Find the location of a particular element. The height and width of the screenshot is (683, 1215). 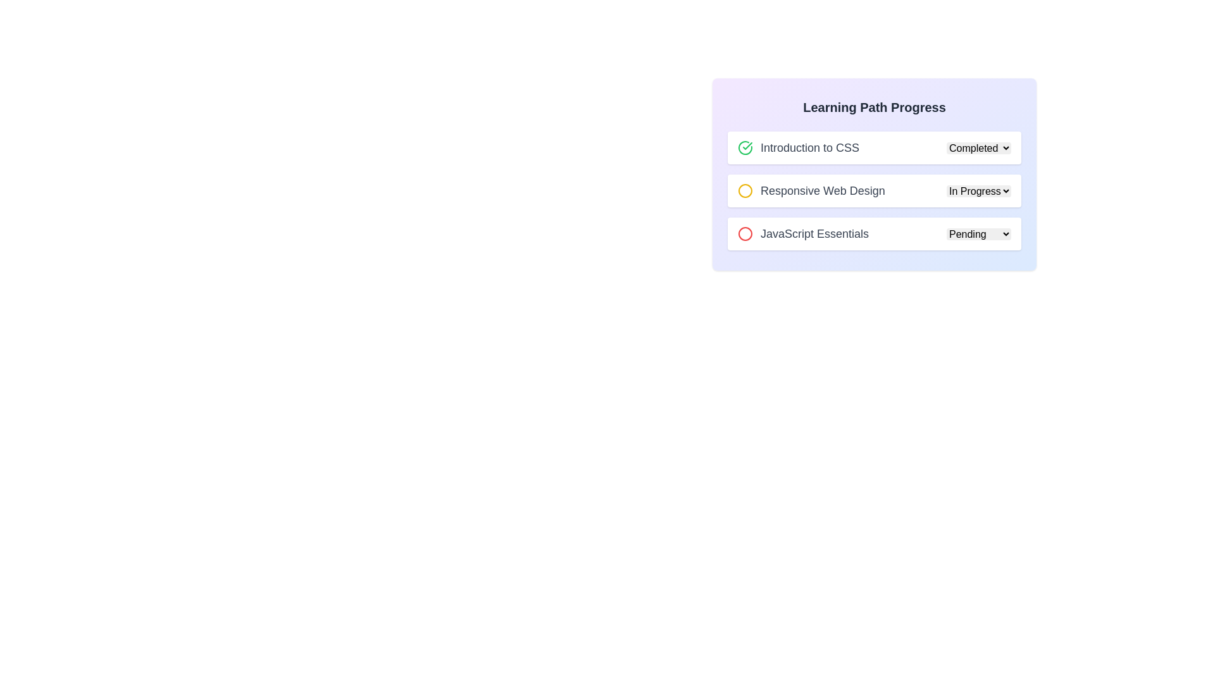

the first list item labeled 'Introduction to CSS' with a green checkmark icon to expand its view is located at coordinates (798, 147).